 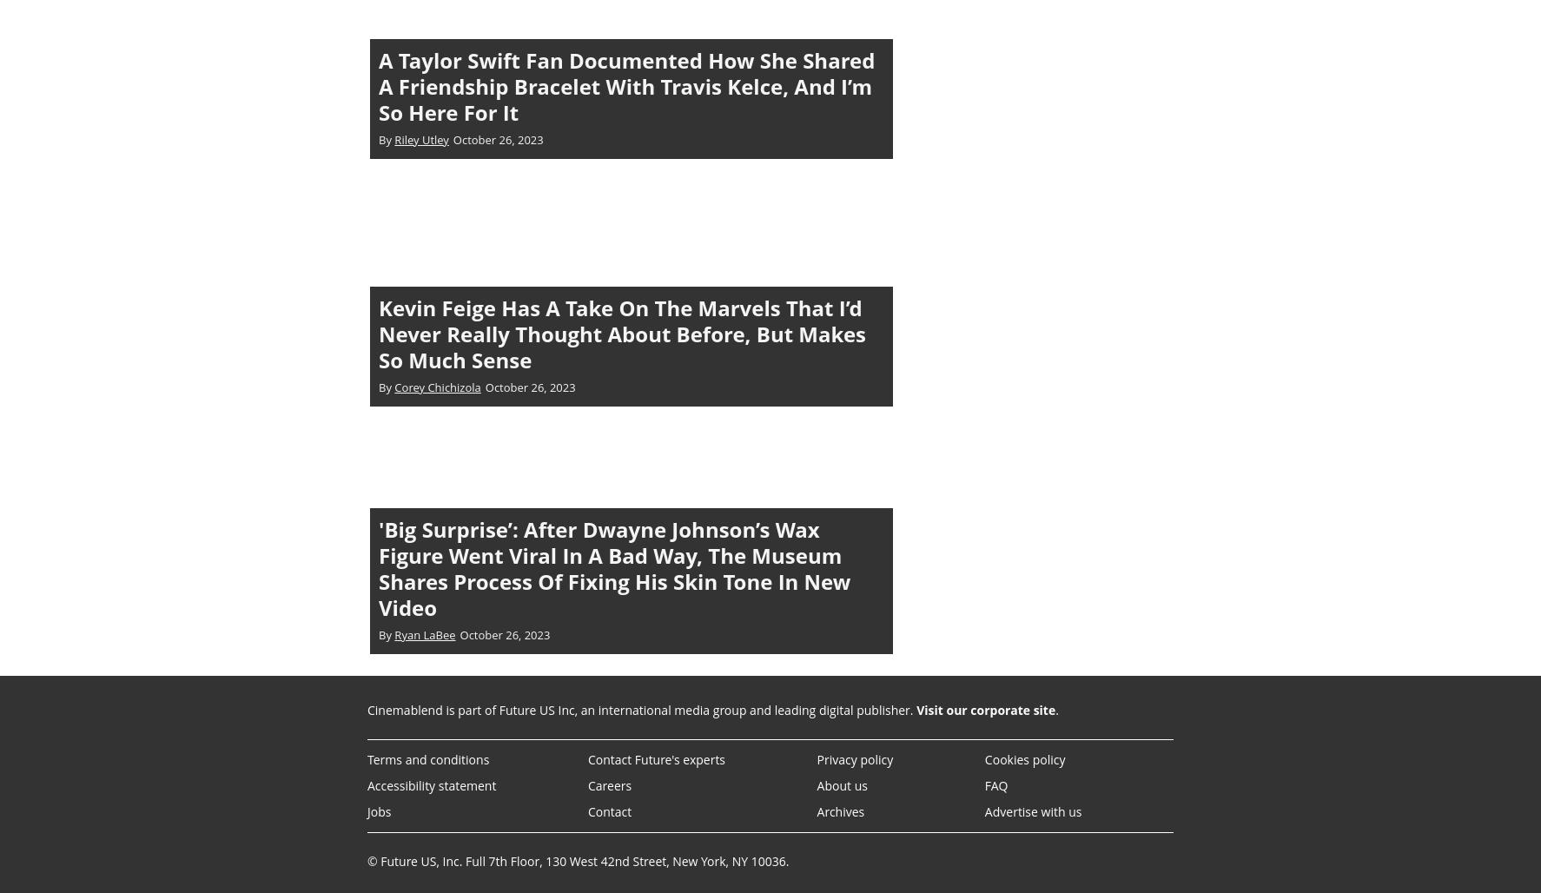 What do you see at coordinates (609, 784) in the screenshot?
I see `'Careers'` at bounding box center [609, 784].